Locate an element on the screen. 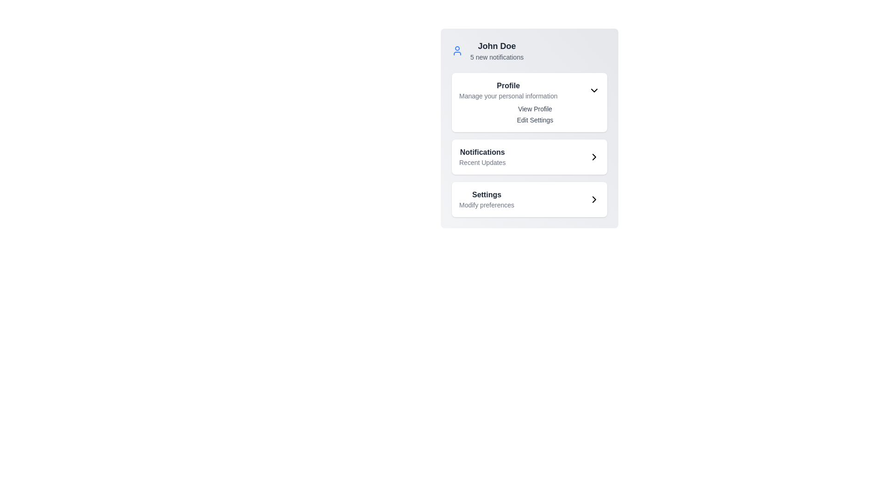 The width and height of the screenshot is (888, 499). the navigational icon located in the 'Notifications' section, adjacent to the 'Notifications' and 'Recent Updates' text is located at coordinates (594, 156).